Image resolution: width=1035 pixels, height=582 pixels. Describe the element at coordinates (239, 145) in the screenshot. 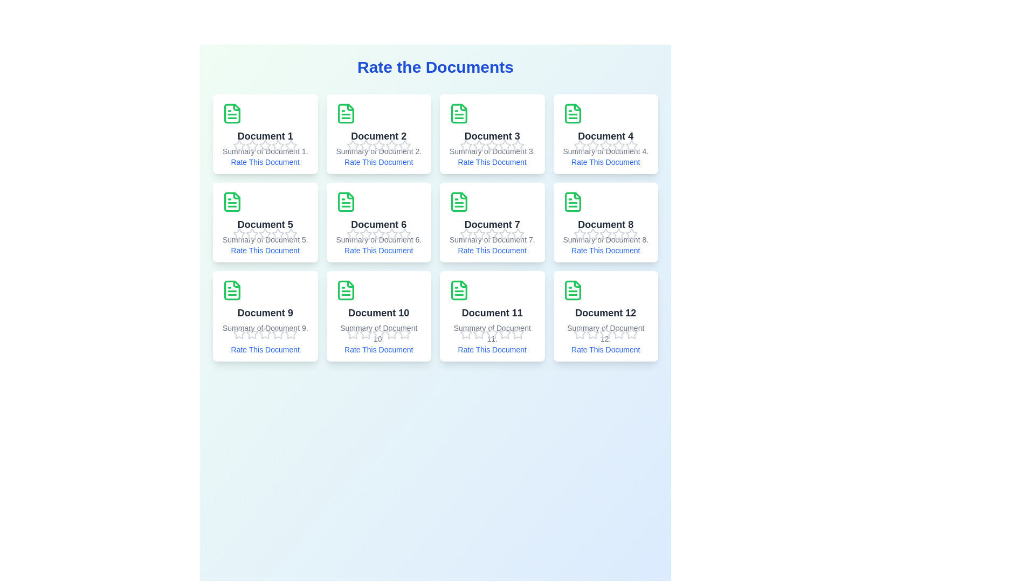

I see `the star corresponding to the rating 1 to preview the rating` at that location.